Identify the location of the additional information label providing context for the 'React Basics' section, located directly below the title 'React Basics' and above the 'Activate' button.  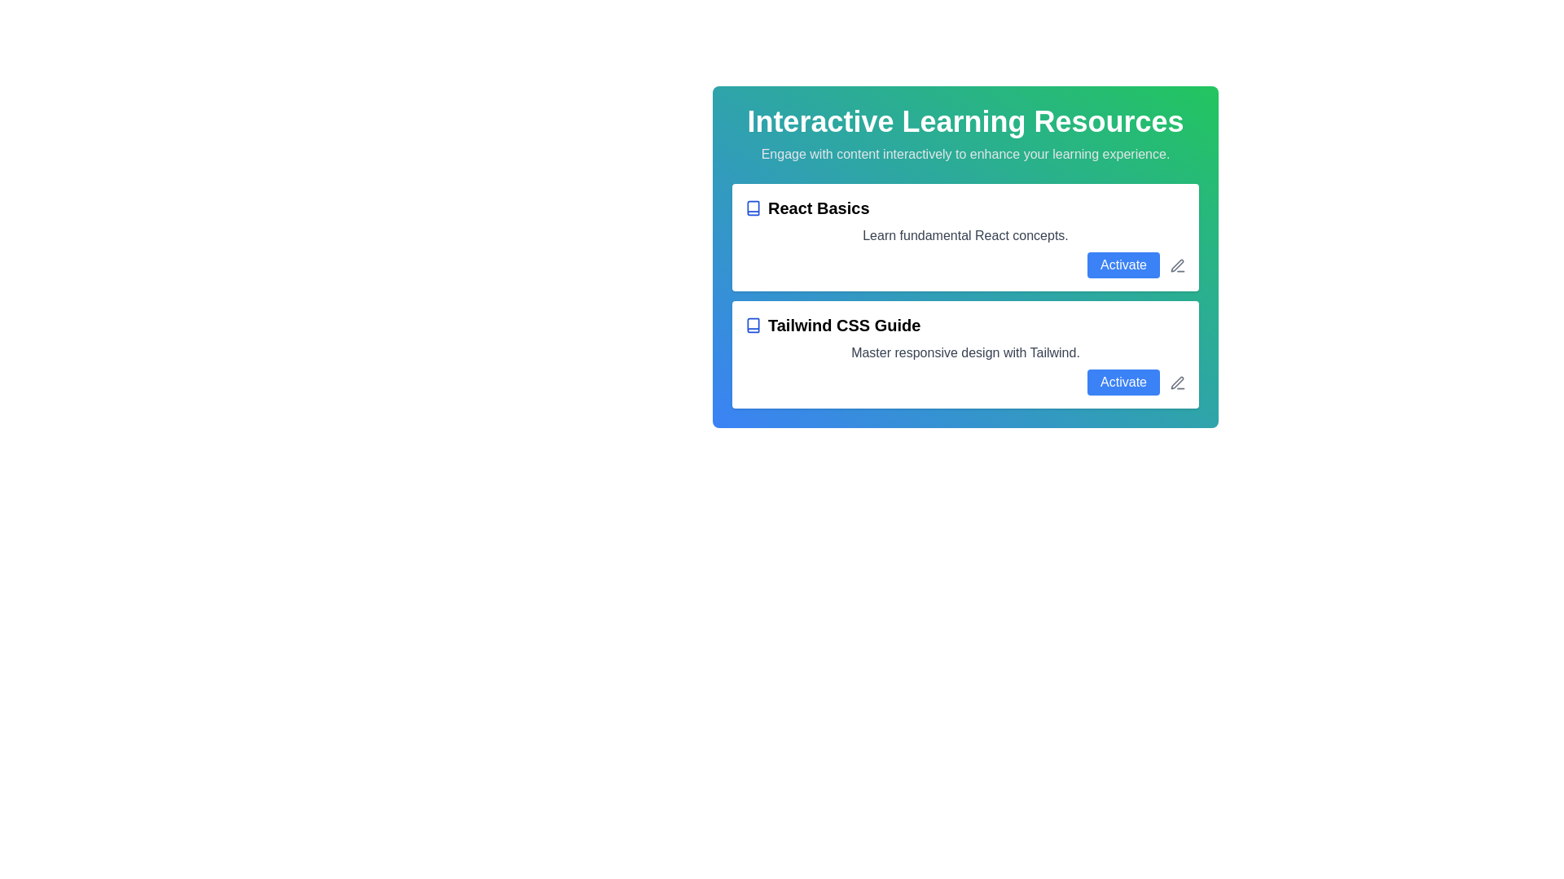
(965, 235).